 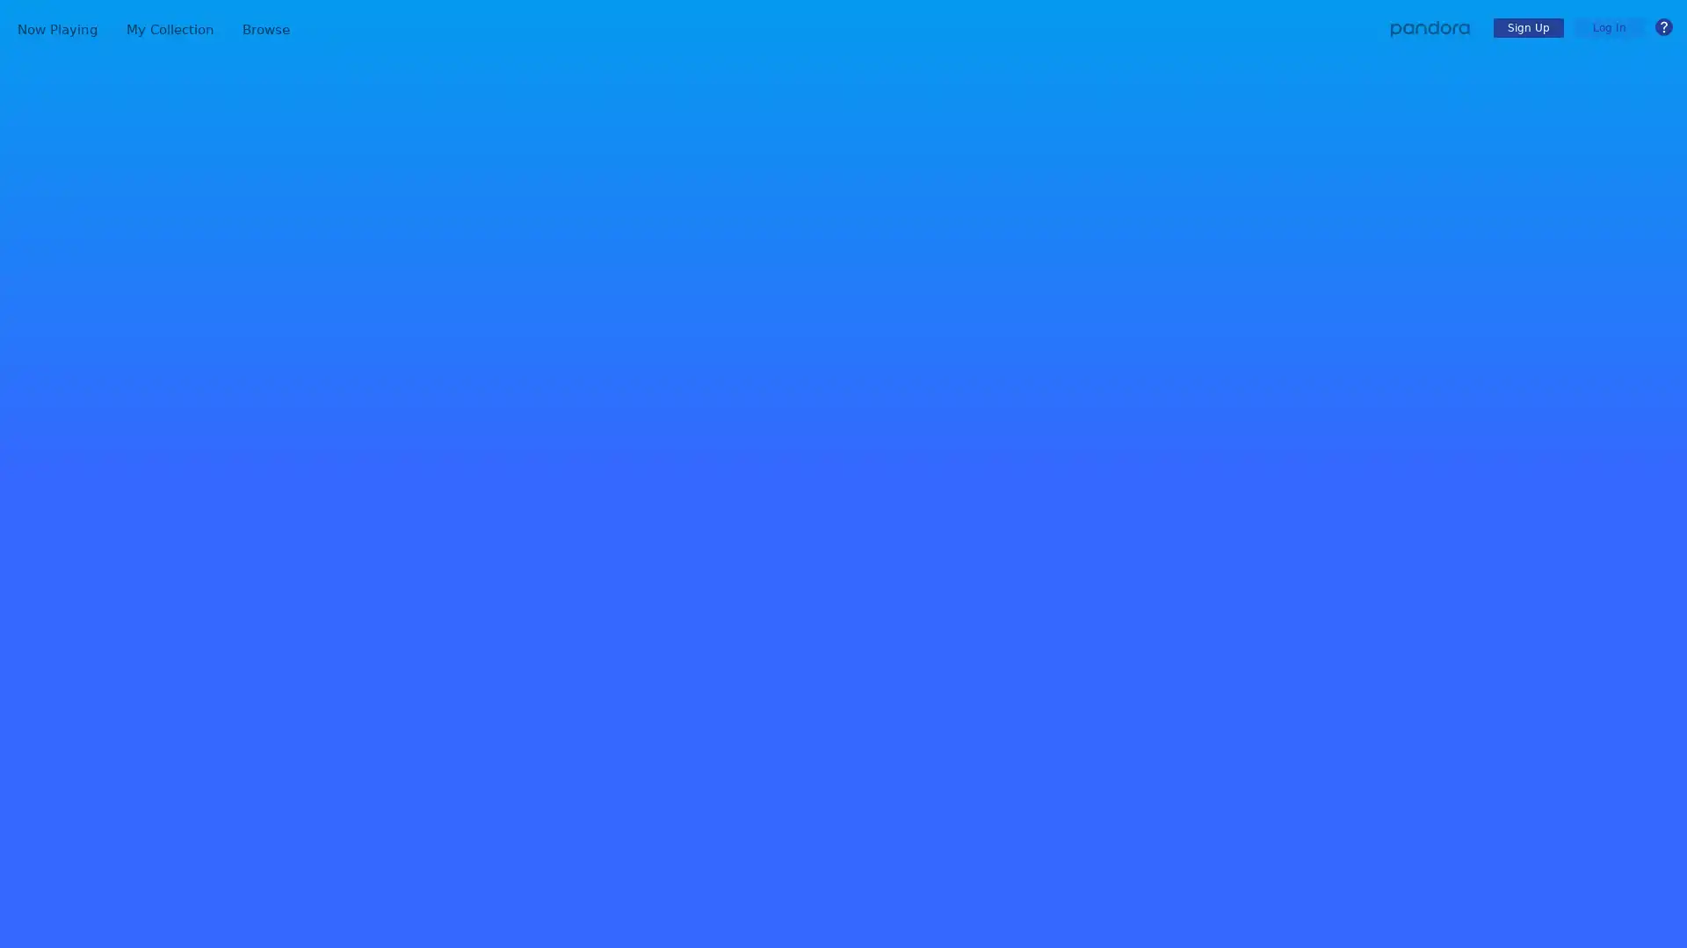 I want to click on Play Ep. 47 | Universal Robots CEO Kim Povlsen on Collaborative Robots for the 98% Ep. 47 | Universal Robots CEO Kim Povlsen on Collaborative Robots for the 98% Jun 7, 2022 46:58 more ... I think you're going to see a world where people work side by side with robots, says Povlsen. Collaborative robots, like those made by Universal Robots, will take care of the 3D tasks - dull, dirty, or dangerous. This will allow people to take on more fulfilling tasks and use their creativity. In this episode, Povlsen discusses the early years of Universal Robots and the ambitious goal to create collaborative robots that would be easy to install and fun to program. They wanted to change that entire paradigm of how to program robots into something that pretty much anyone can do with just minimum training. Before joining Universal Robots, Povlsen spent some of his early years at Schneider Electric working on embedded IoT devices where I think we could all see the great potential of connecting devices in general, but back then it was a pain in the neck to connect anything. Povlsens father was an electrical engineer whose workshop was filled with interesting equipment and project. This early exposure created his passion for technology; even though his first project as a young boy was less than a success. I thought I could build this new fancy program and I totally failed..But, I thought it was great. In this lively Moores Lobby interview, the charismatic Povlsen also expounds on: The IKEA of cobots From ship building to robotics - how a Danish community transitioned from world leadership in one industry to a completely different one The conceptual connection between noise-canceling headphones and better cobots And, why he doesnt want to play squash with a robot, so click(x=1129, y=493).